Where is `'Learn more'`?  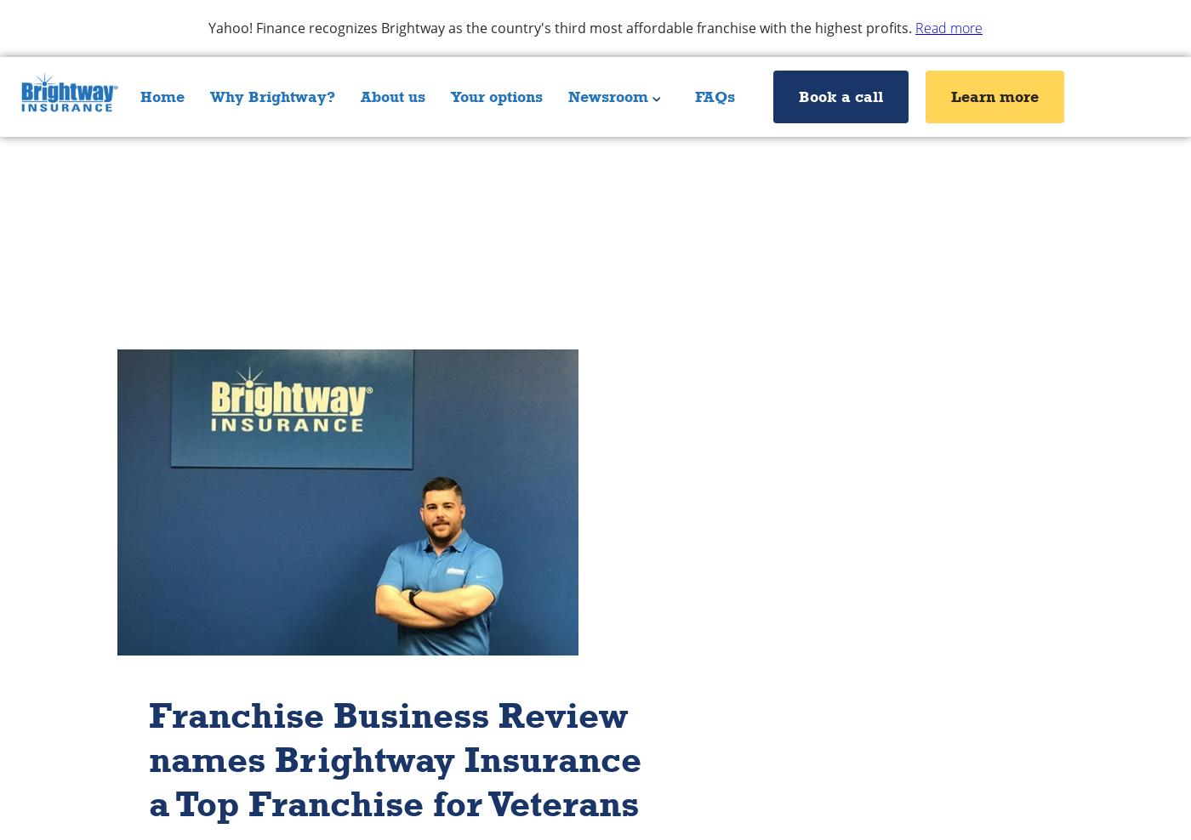 'Learn more' is located at coordinates (994, 97).